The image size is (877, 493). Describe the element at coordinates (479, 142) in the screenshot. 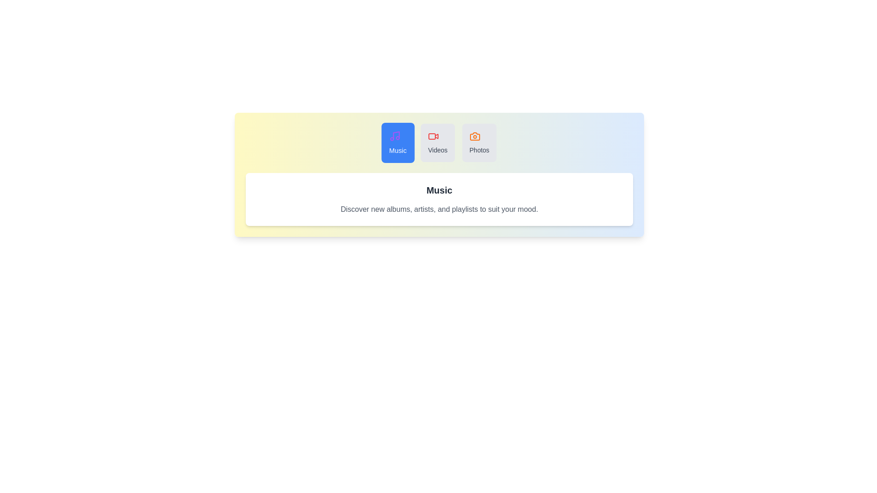

I see `the Photos tab in the MultimediaTabs component` at that location.